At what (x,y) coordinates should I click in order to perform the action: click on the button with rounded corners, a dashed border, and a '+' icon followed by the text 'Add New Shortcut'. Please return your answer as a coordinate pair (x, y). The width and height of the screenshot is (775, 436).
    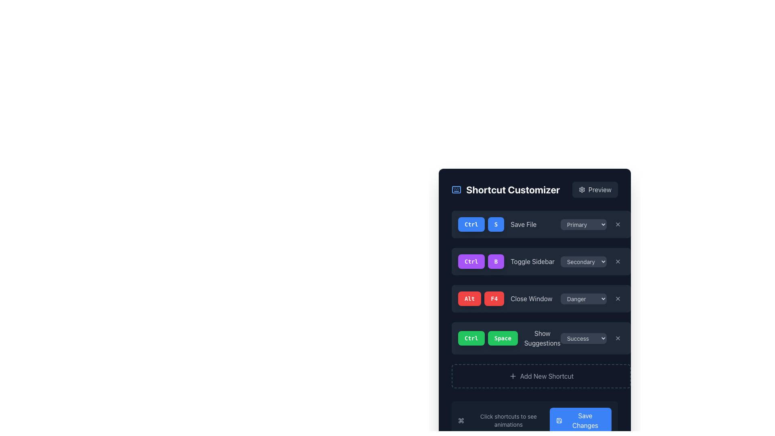
    Looking at the image, I should click on (540, 376).